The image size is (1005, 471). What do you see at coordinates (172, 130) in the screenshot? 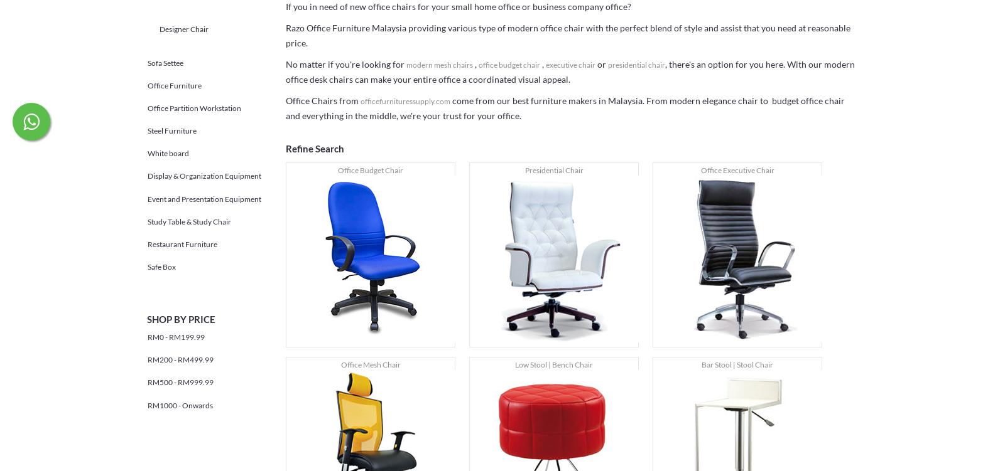
I see `'Steel Furniture'` at bounding box center [172, 130].